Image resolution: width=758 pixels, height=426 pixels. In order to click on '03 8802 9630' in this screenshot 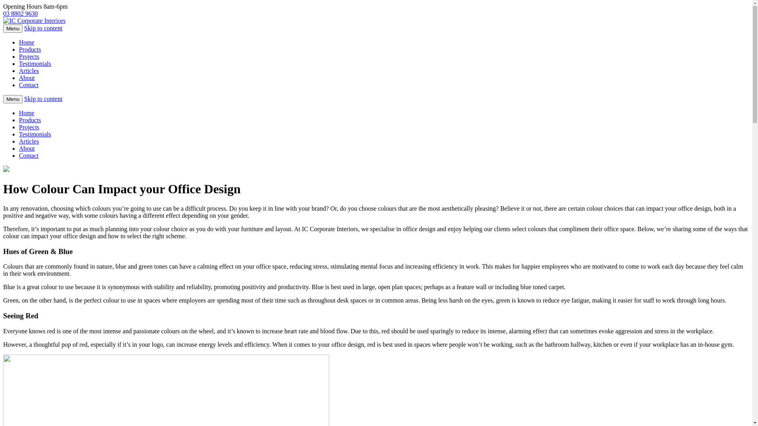, I will do `click(3, 13)`.